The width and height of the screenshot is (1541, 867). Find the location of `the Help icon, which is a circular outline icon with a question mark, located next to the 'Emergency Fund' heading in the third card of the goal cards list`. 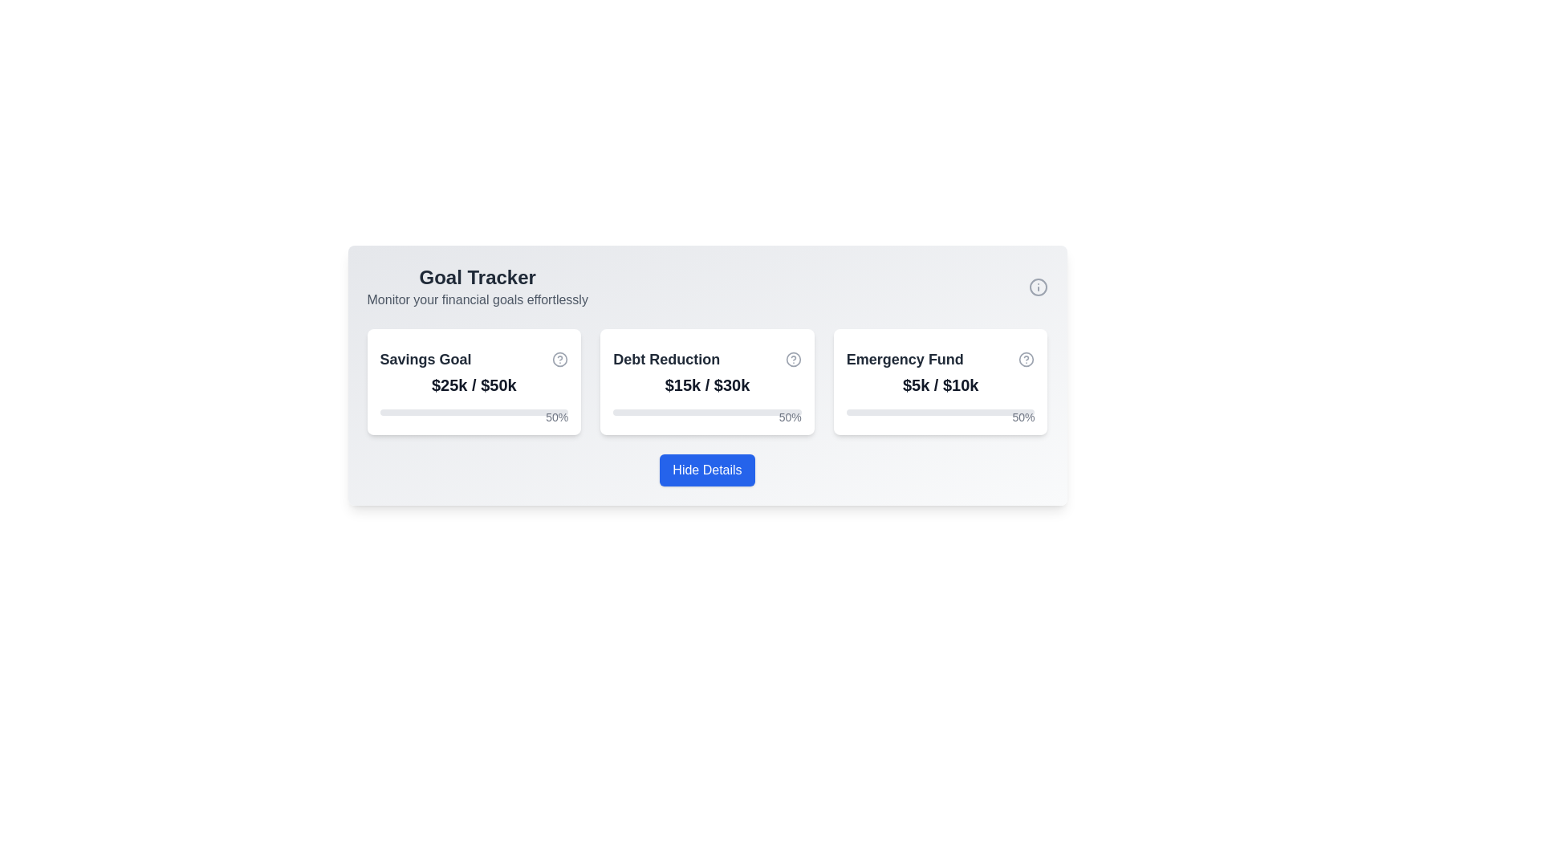

the Help icon, which is a circular outline icon with a question mark, located next to the 'Emergency Fund' heading in the third card of the goal cards list is located at coordinates (1026, 358).